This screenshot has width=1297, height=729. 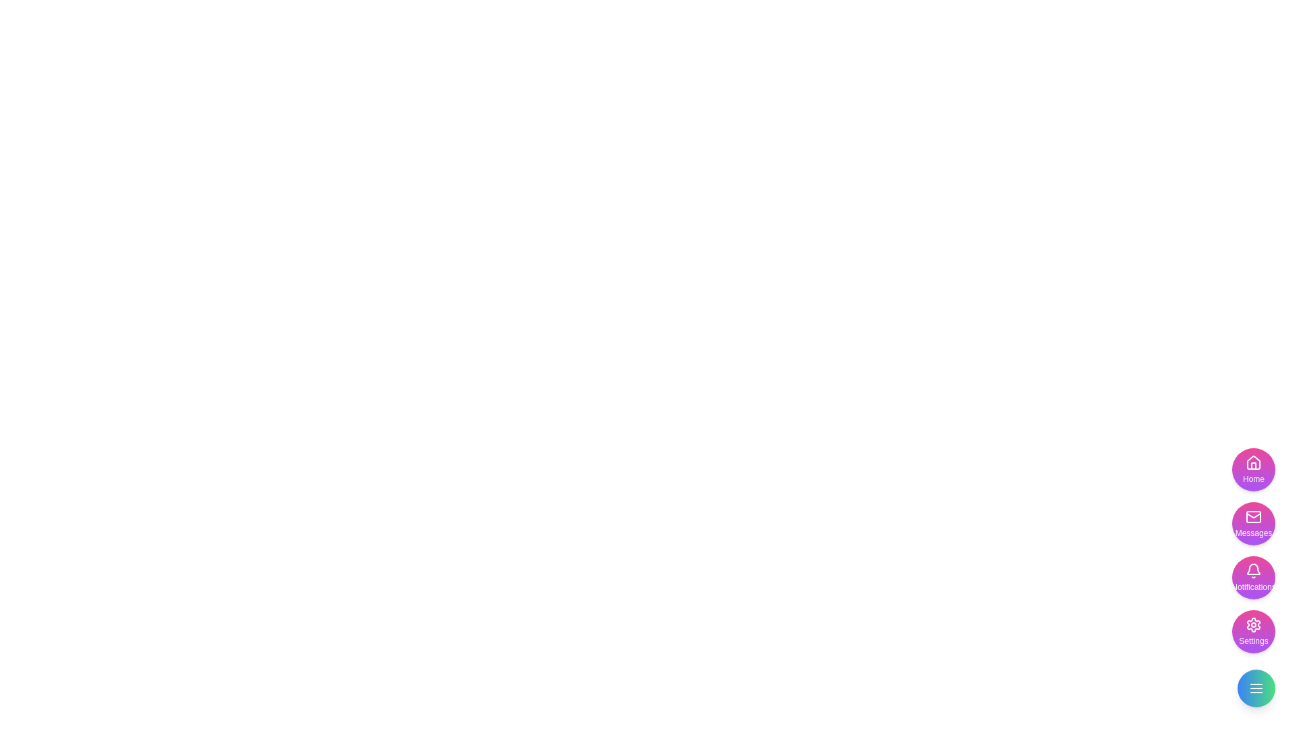 I want to click on the bell-shaped notifications icon with a minimalist design, which is the third button from the top in the vertical stack of icons on the right side of the interface, so click(x=1253, y=570).